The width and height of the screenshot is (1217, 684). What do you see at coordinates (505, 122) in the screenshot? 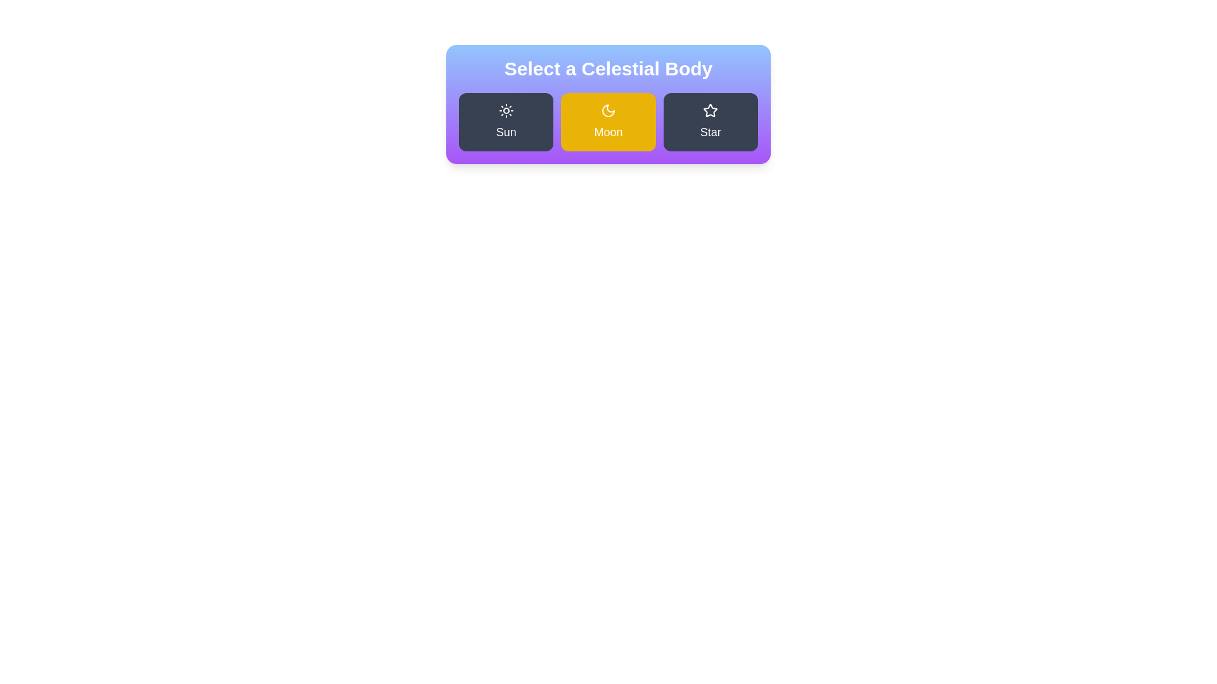
I see `the celestial body icon Sun` at bounding box center [505, 122].